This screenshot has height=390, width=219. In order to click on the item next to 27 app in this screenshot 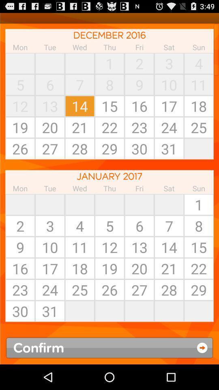, I will do `click(109, 311)`.